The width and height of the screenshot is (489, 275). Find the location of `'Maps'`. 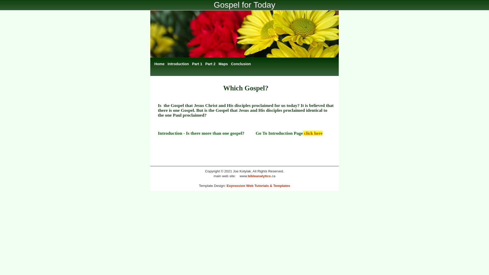

'Maps' is located at coordinates (223, 64).